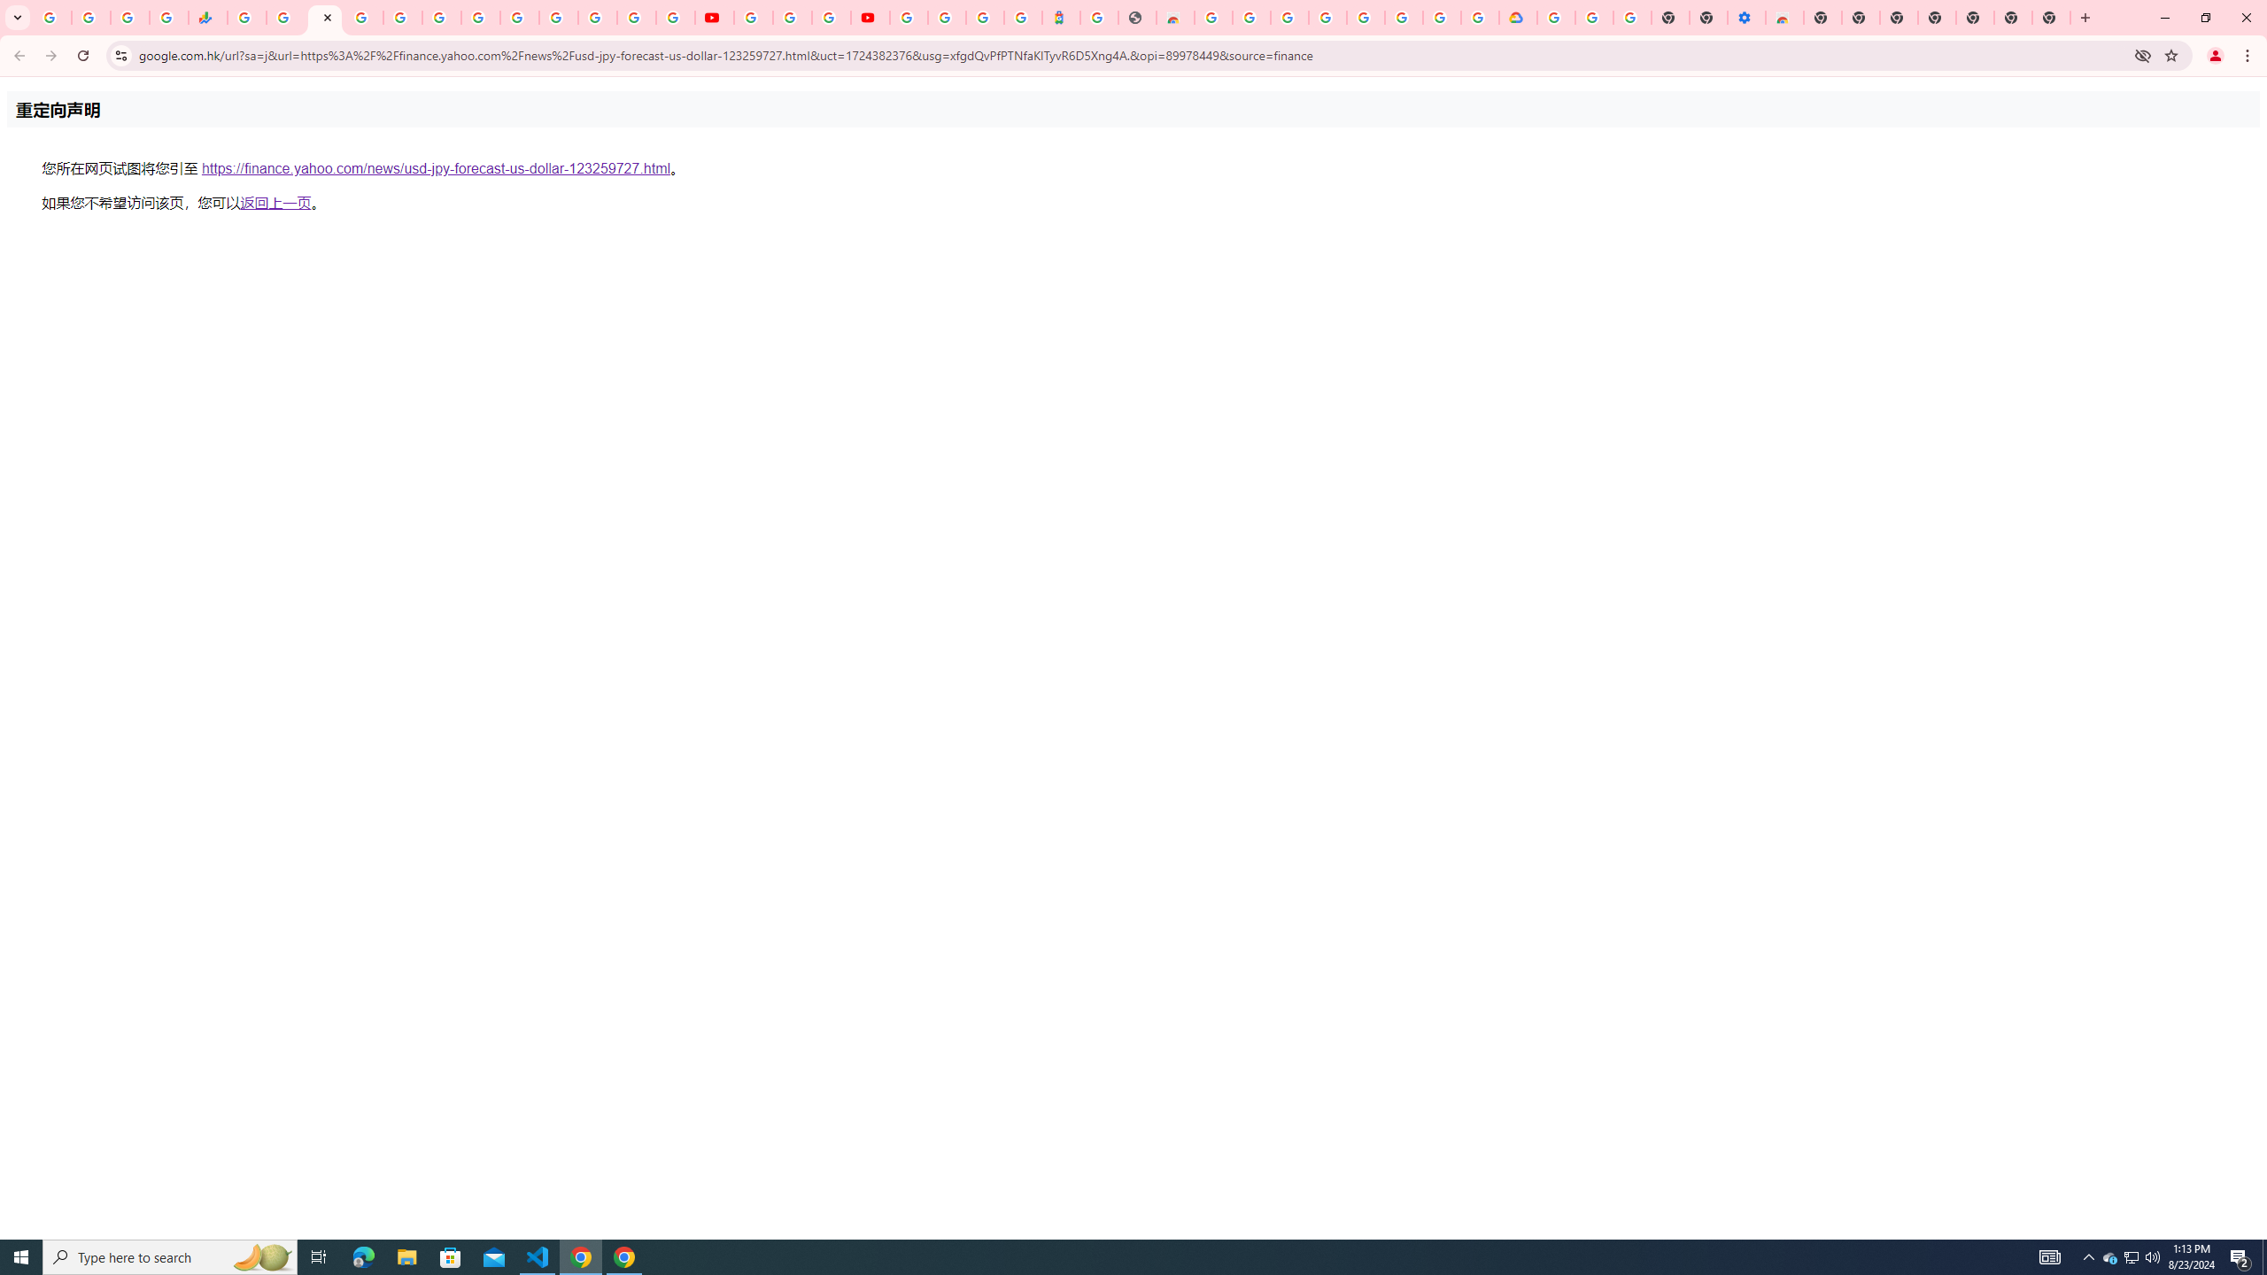 Image resolution: width=2267 pixels, height=1275 pixels. Describe the element at coordinates (1061, 17) in the screenshot. I see `'Atour Hotel - Google hotels'` at that location.